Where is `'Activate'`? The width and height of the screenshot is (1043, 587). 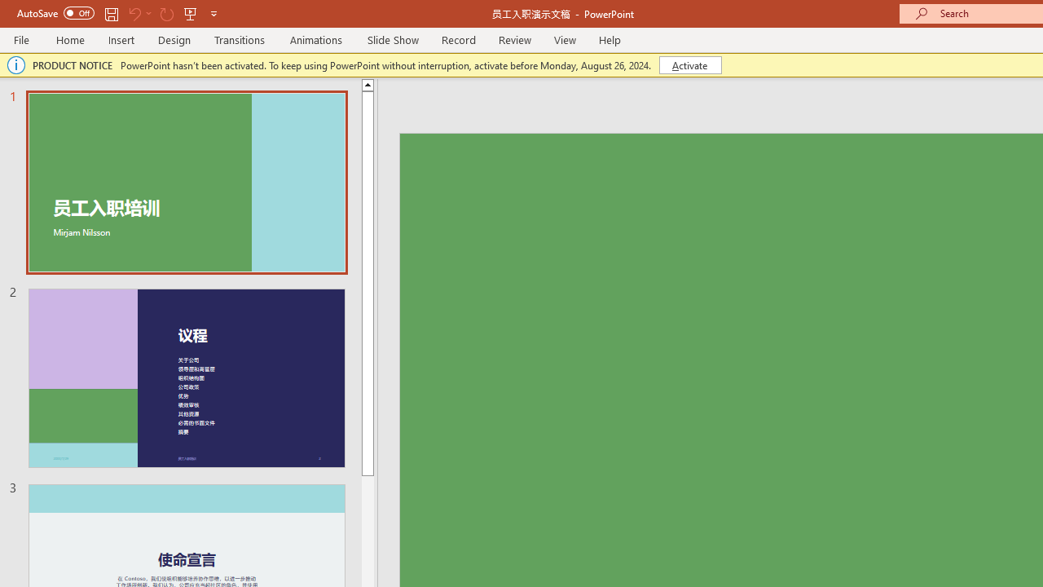 'Activate' is located at coordinates (690, 64).